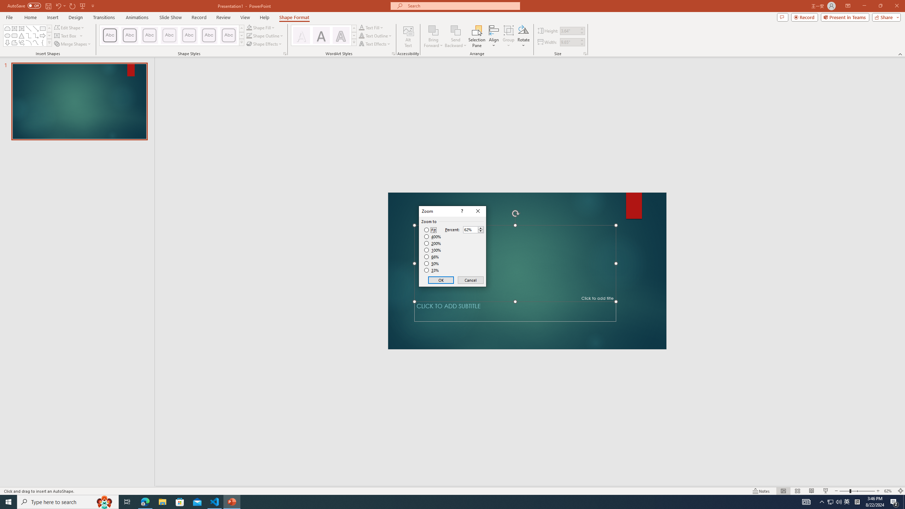 This screenshot has height=509, width=905. What do you see at coordinates (569, 42) in the screenshot?
I see `'Shape Width'` at bounding box center [569, 42].